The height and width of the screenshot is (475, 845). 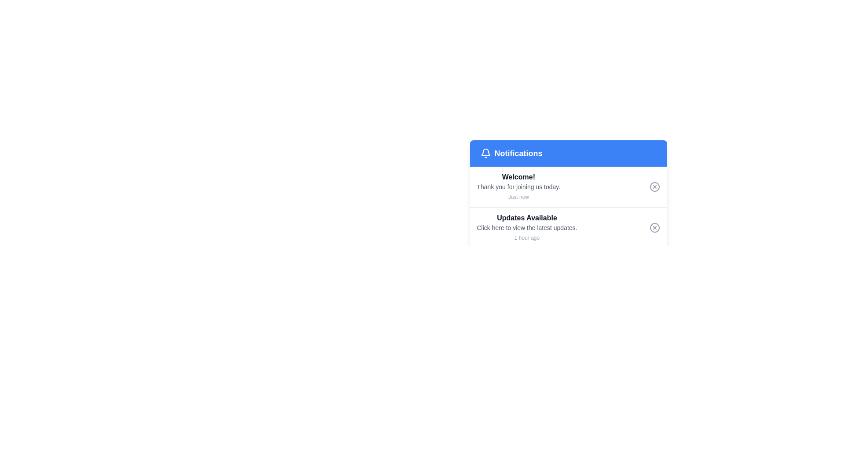 What do you see at coordinates (485, 153) in the screenshot?
I see `the bell icon located at the leftmost part of the blue header section` at bounding box center [485, 153].